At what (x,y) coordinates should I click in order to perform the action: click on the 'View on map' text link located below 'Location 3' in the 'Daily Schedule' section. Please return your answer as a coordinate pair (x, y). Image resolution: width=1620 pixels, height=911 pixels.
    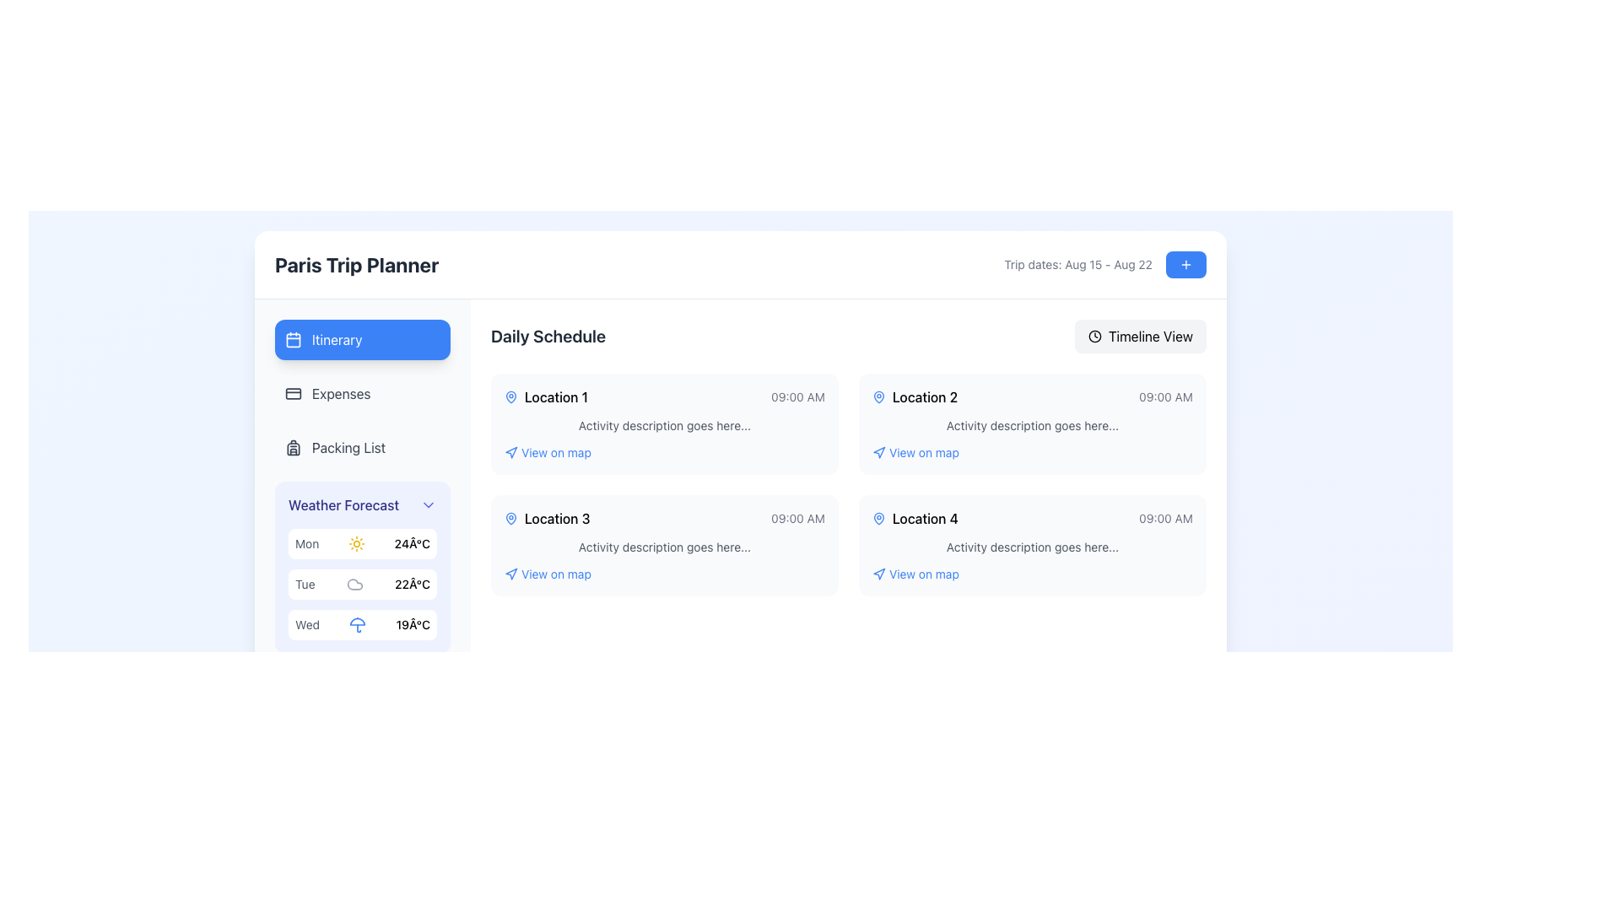
    Looking at the image, I should click on (556, 574).